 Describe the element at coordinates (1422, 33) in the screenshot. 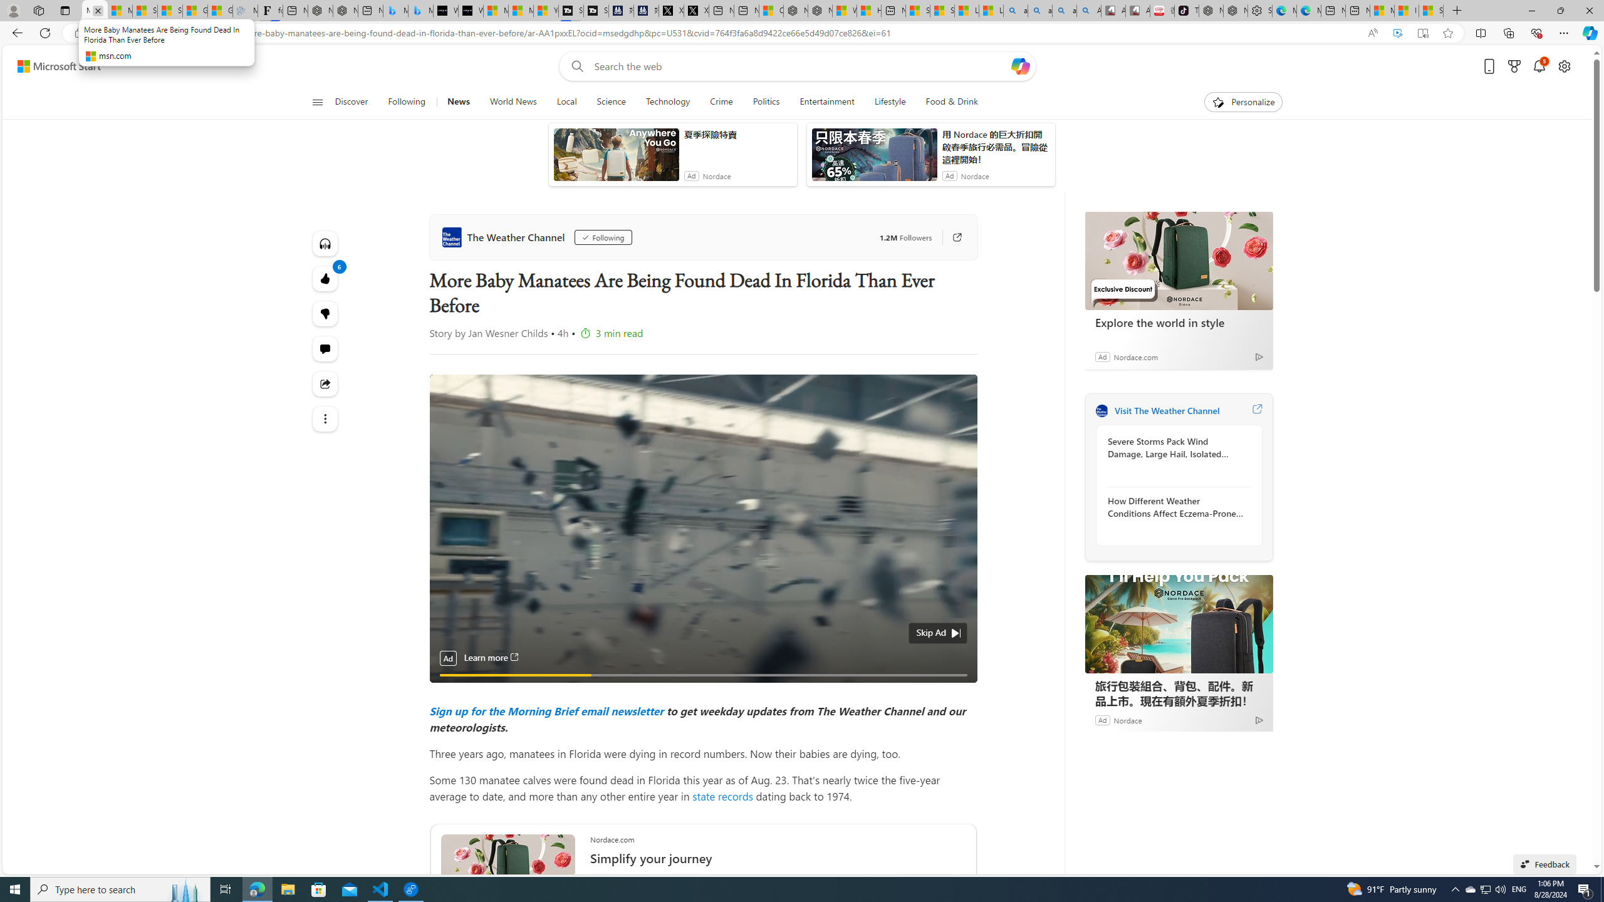

I see `'Enter Immersive Reader (F9)'` at that location.